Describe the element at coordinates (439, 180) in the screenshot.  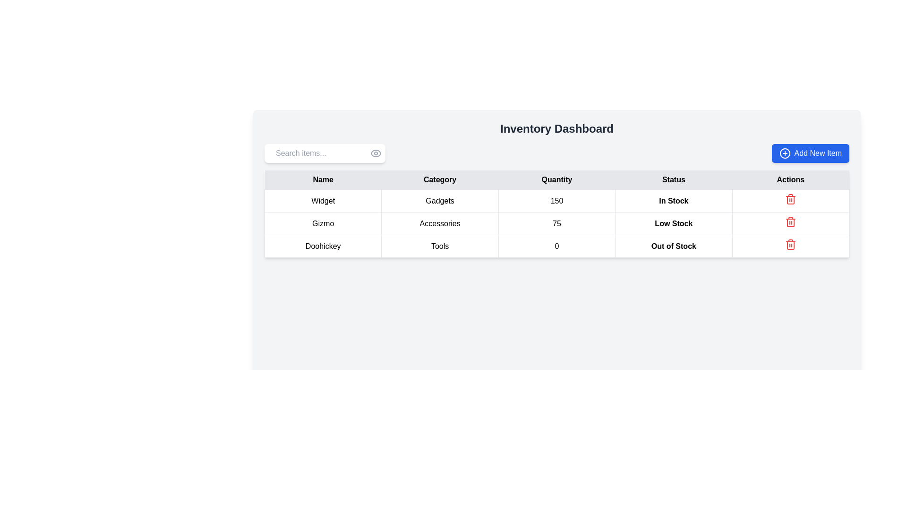
I see `the 'Category' column header in the table, which is the second column header located between 'Name' and 'Quantity'` at that location.